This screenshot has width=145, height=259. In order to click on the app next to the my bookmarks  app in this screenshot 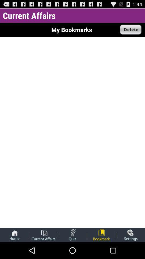, I will do `click(130, 30)`.